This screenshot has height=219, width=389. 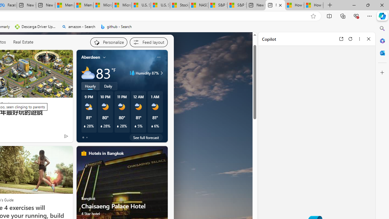 What do you see at coordinates (146, 137) in the screenshot?
I see `'See full forecast'` at bounding box center [146, 137].